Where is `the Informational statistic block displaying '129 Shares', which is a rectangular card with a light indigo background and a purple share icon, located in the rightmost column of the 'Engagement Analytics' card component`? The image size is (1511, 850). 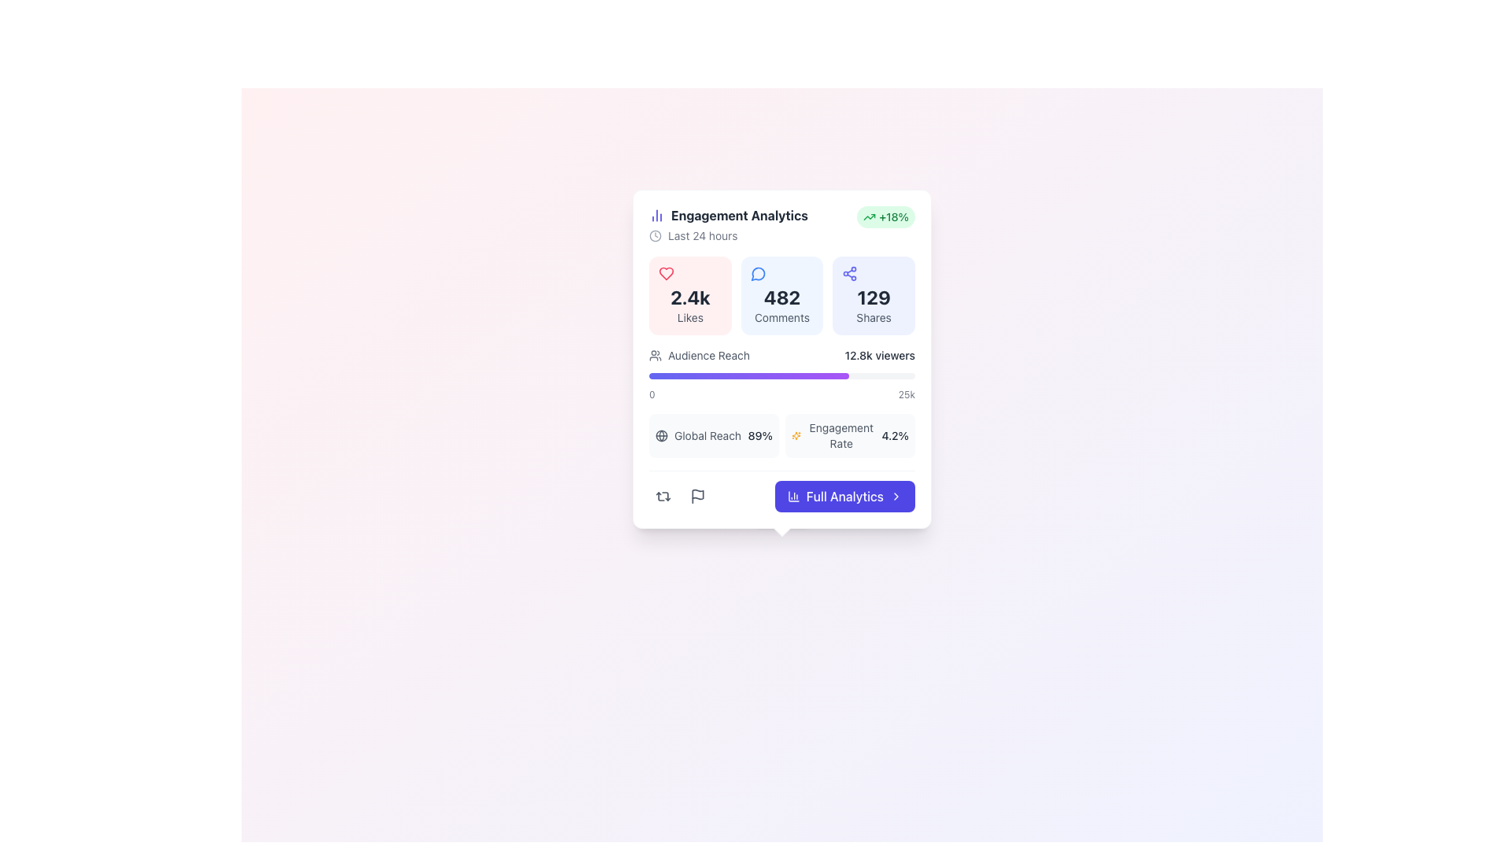
the Informational statistic block displaying '129 Shares', which is a rectangular card with a light indigo background and a purple share icon, located in the rightmost column of the 'Engagement Analytics' card component is located at coordinates (873, 295).